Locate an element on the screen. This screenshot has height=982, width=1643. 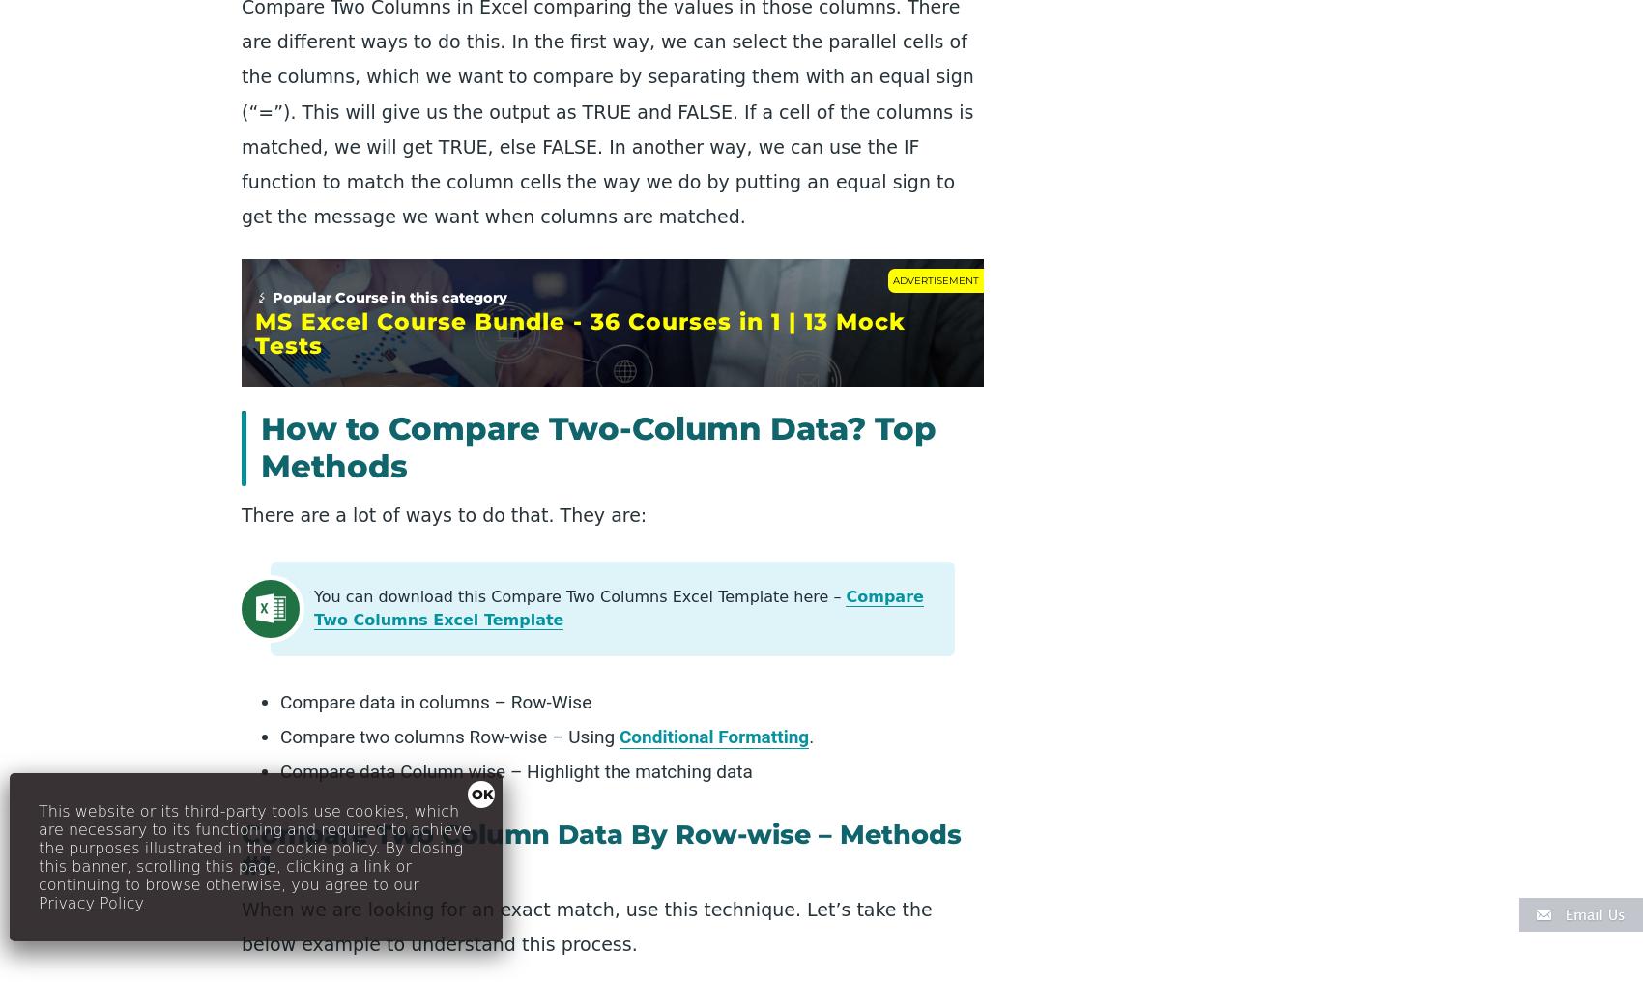
'OK' is located at coordinates (482, 794).